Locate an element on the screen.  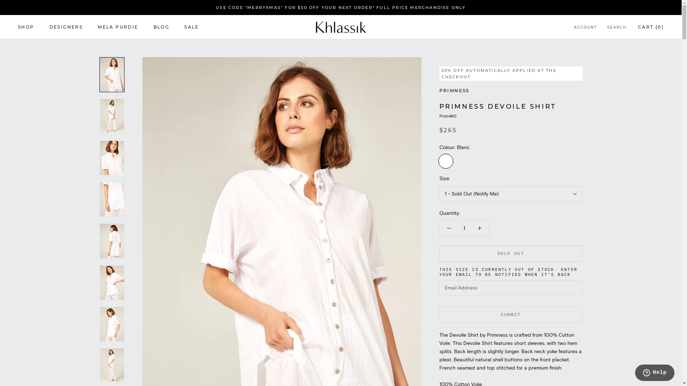
'DESIGNERS is located at coordinates (66, 26).